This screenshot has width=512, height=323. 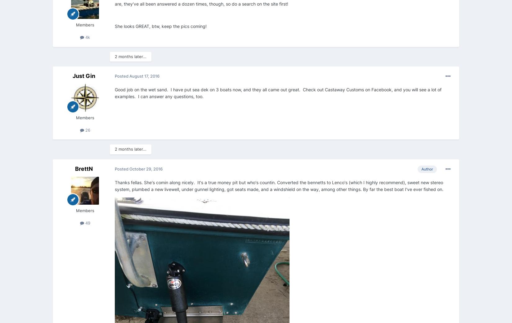 What do you see at coordinates (146, 169) in the screenshot?
I see `'October 29, 2016'` at bounding box center [146, 169].